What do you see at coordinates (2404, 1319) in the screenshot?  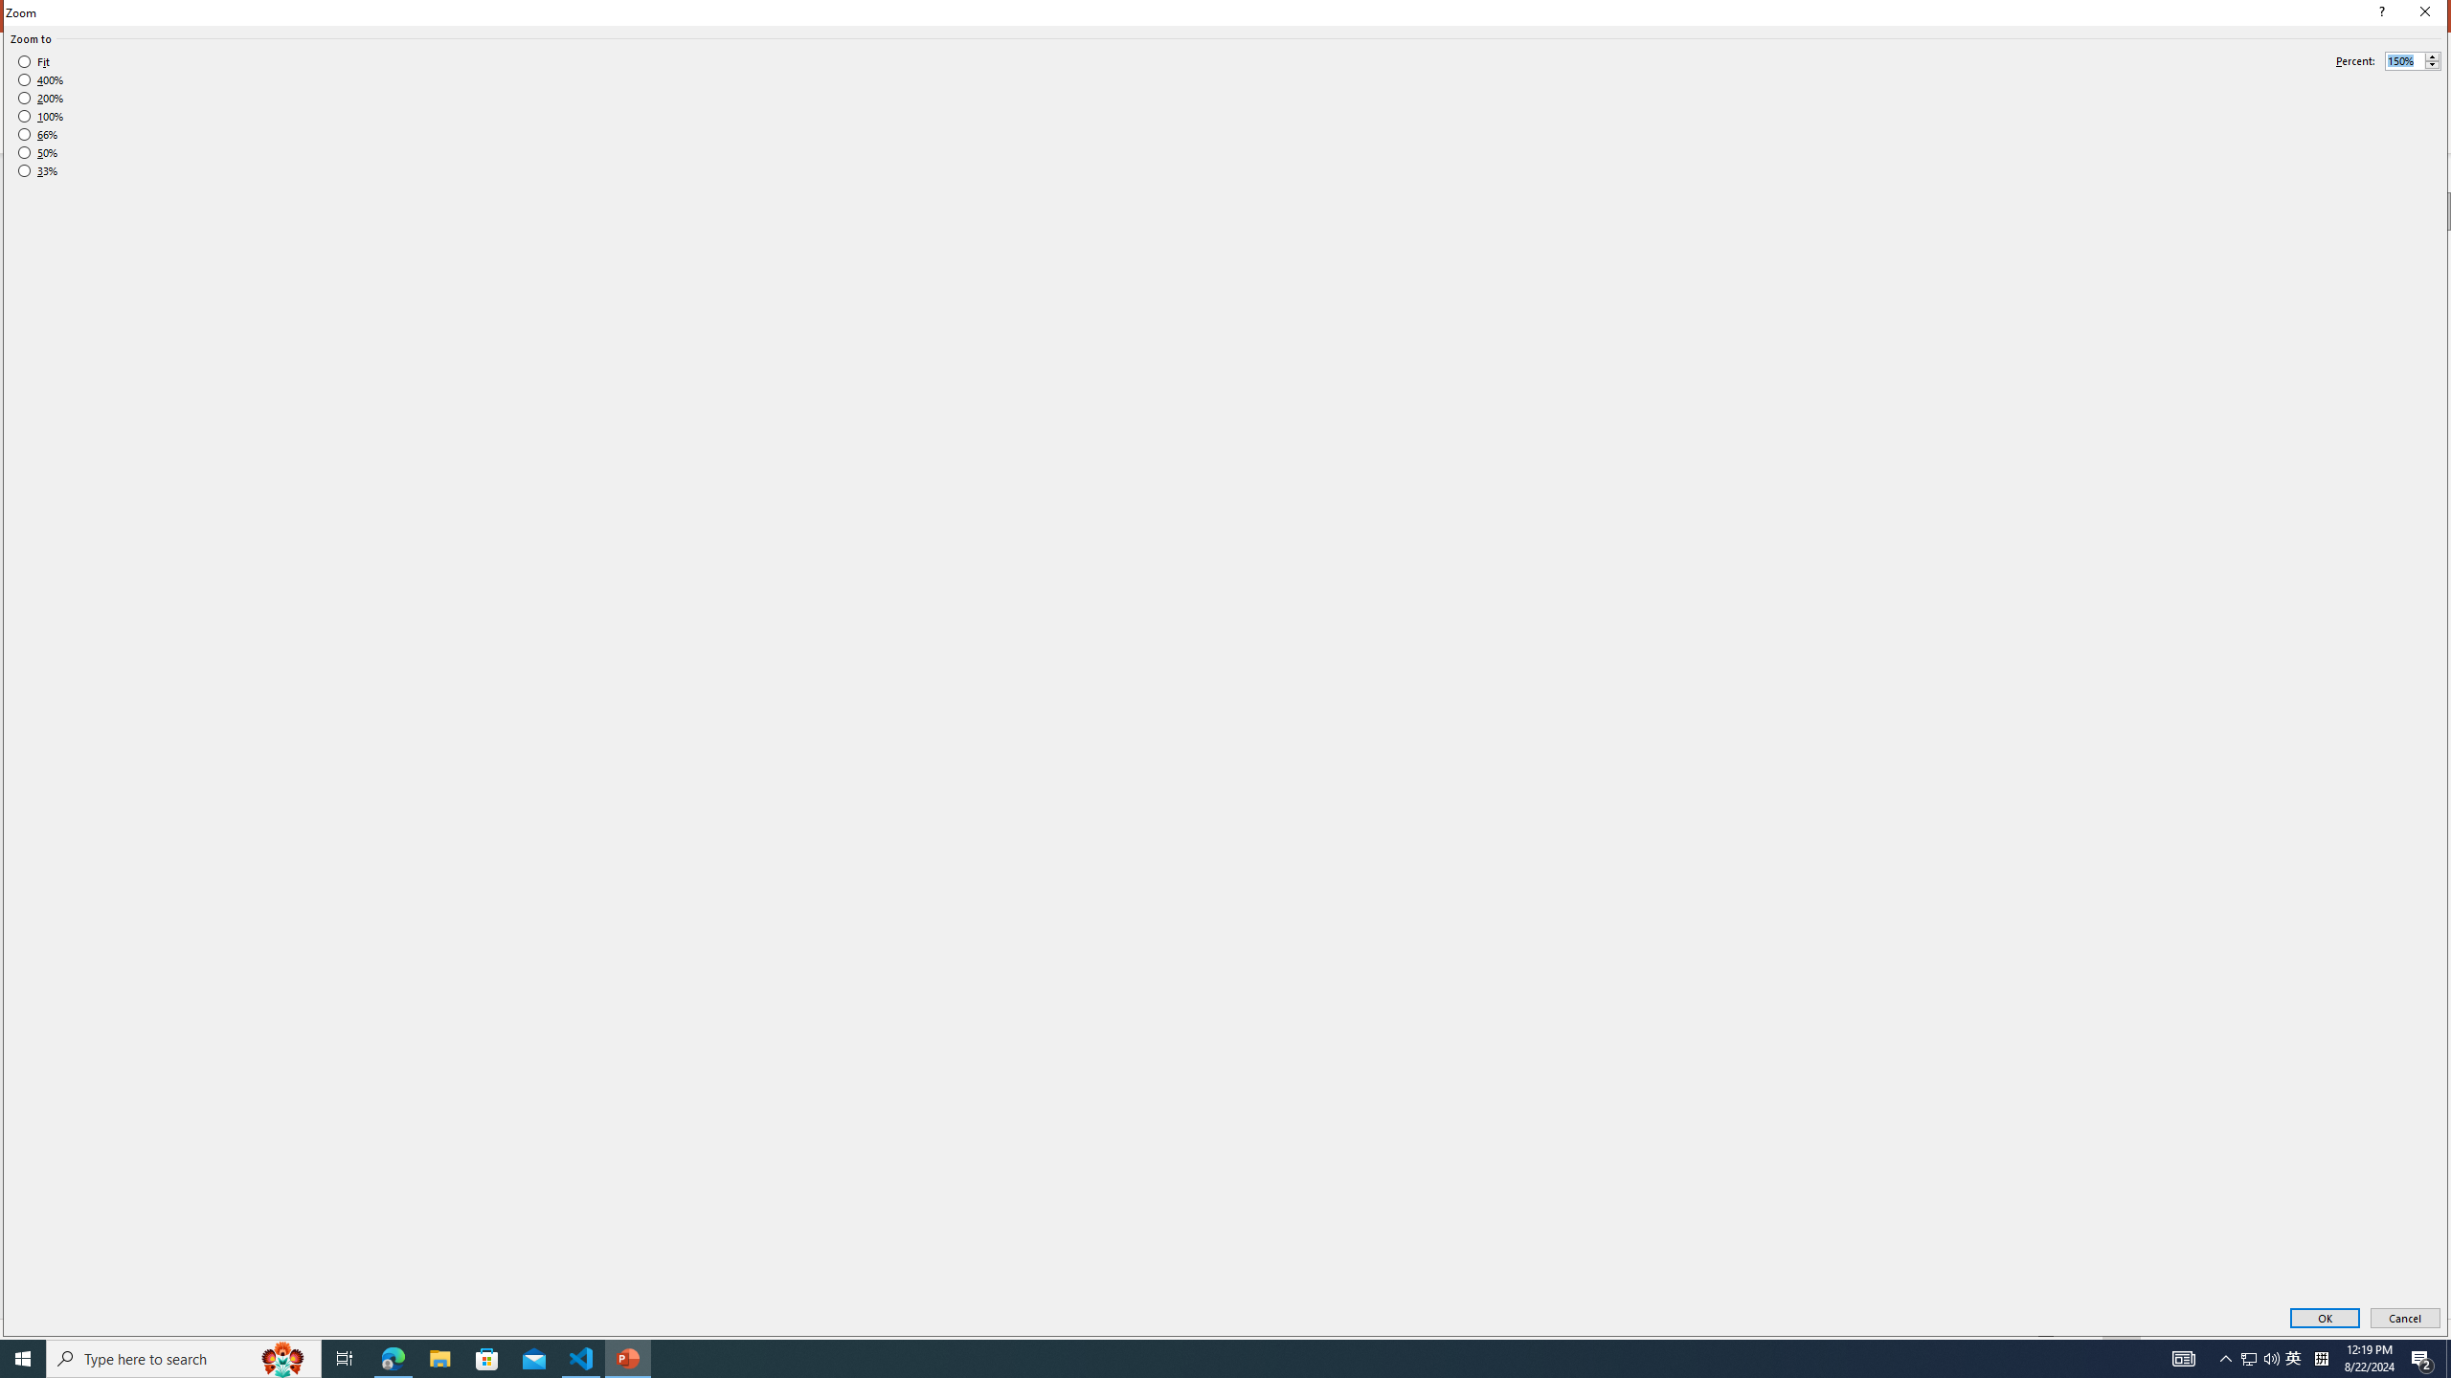 I see `'Cancel'` at bounding box center [2404, 1319].